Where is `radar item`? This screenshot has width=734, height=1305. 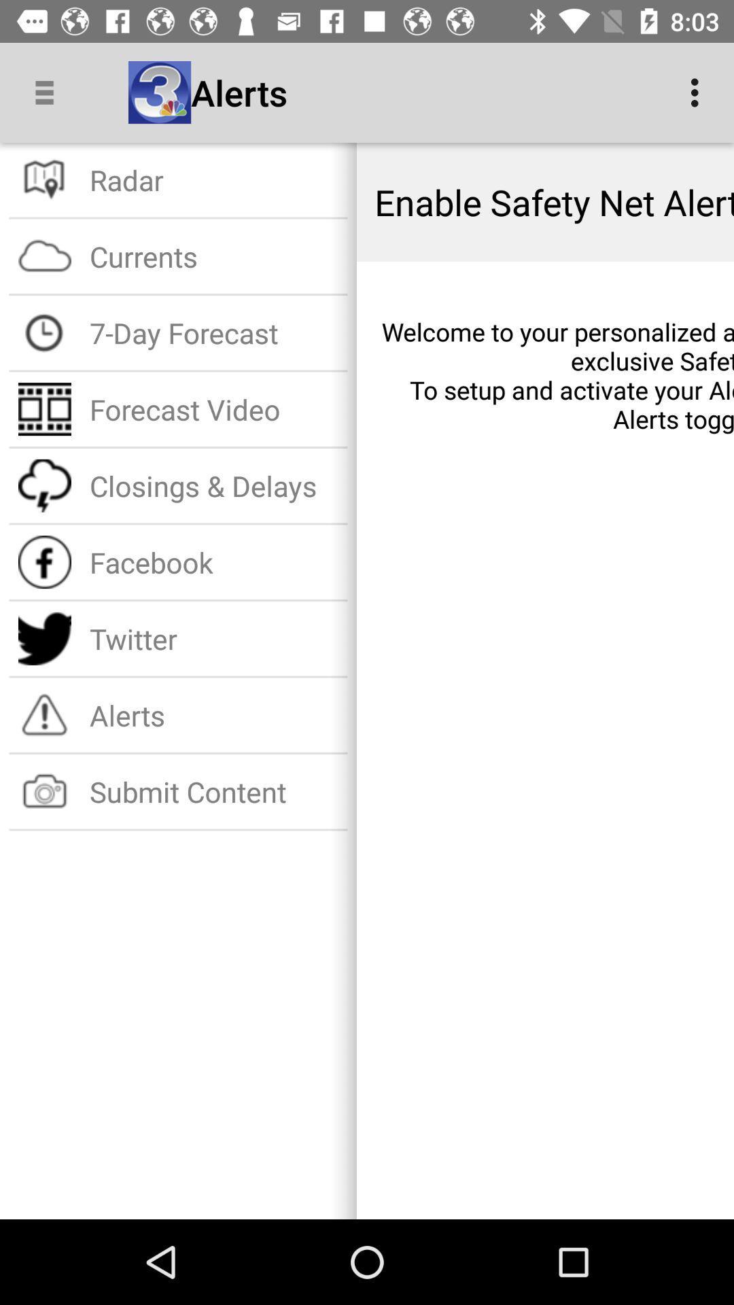
radar item is located at coordinates (214, 179).